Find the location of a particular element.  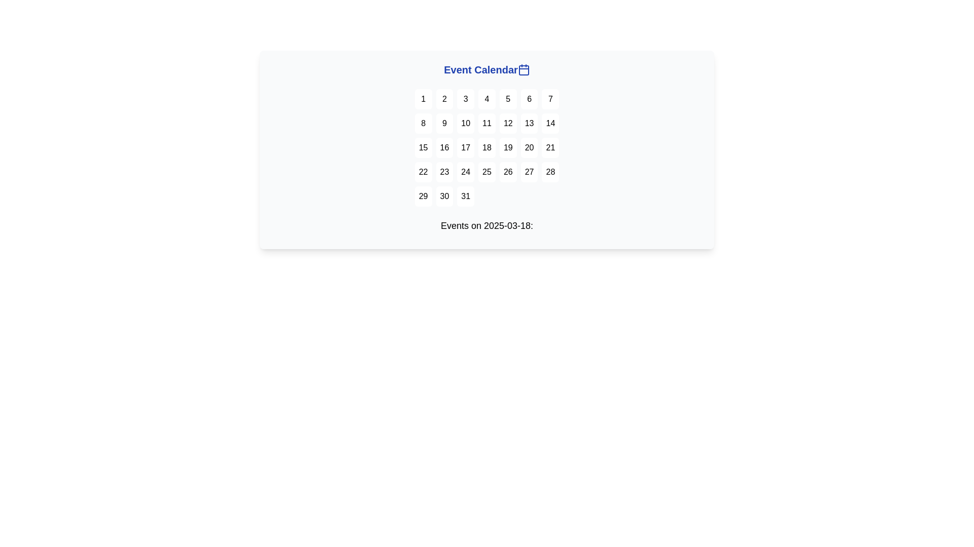

the button representing the 26th day of the month in the Event Calendar grid is located at coordinates (508, 171).